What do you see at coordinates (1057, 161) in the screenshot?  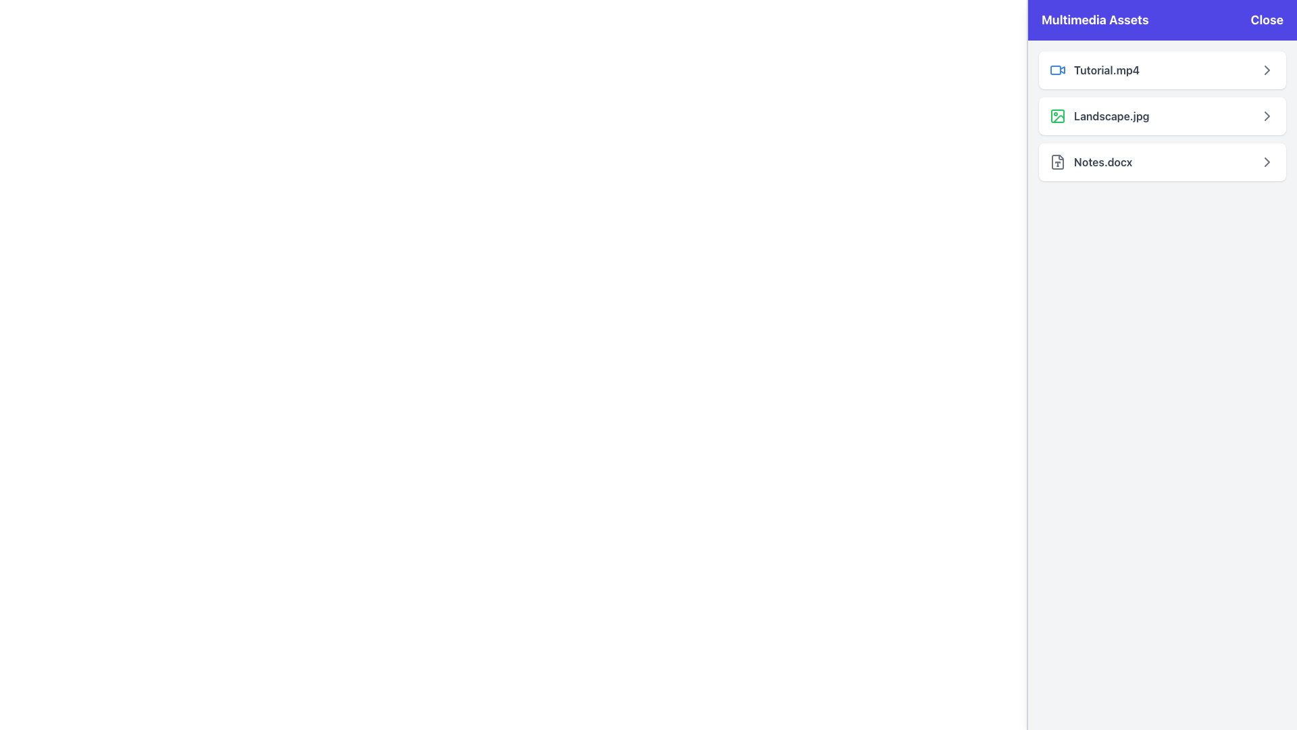 I see `the small file icon with a gray outline and a folded corner, located to the left of the label 'Notes.docx'` at bounding box center [1057, 161].